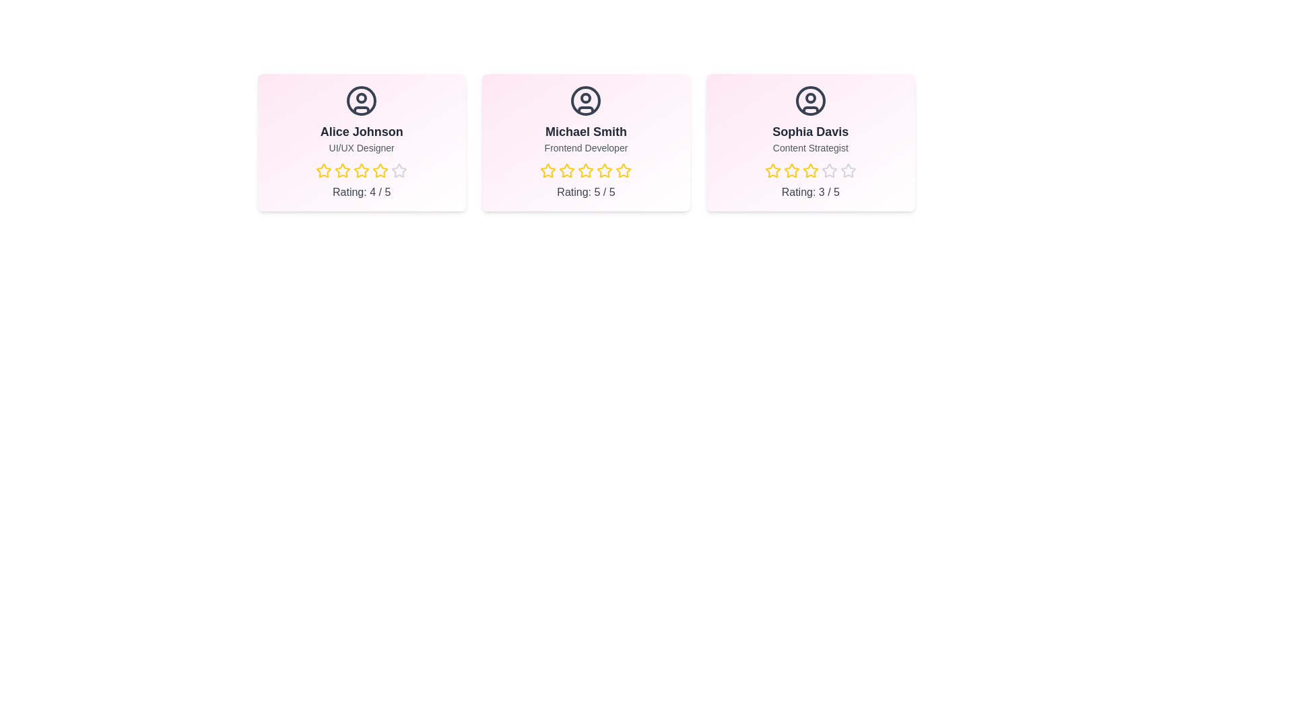 This screenshot has height=727, width=1293. I want to click on the star corresponding to 5 stars for the team member Alice Johnson, so click(399, 170).